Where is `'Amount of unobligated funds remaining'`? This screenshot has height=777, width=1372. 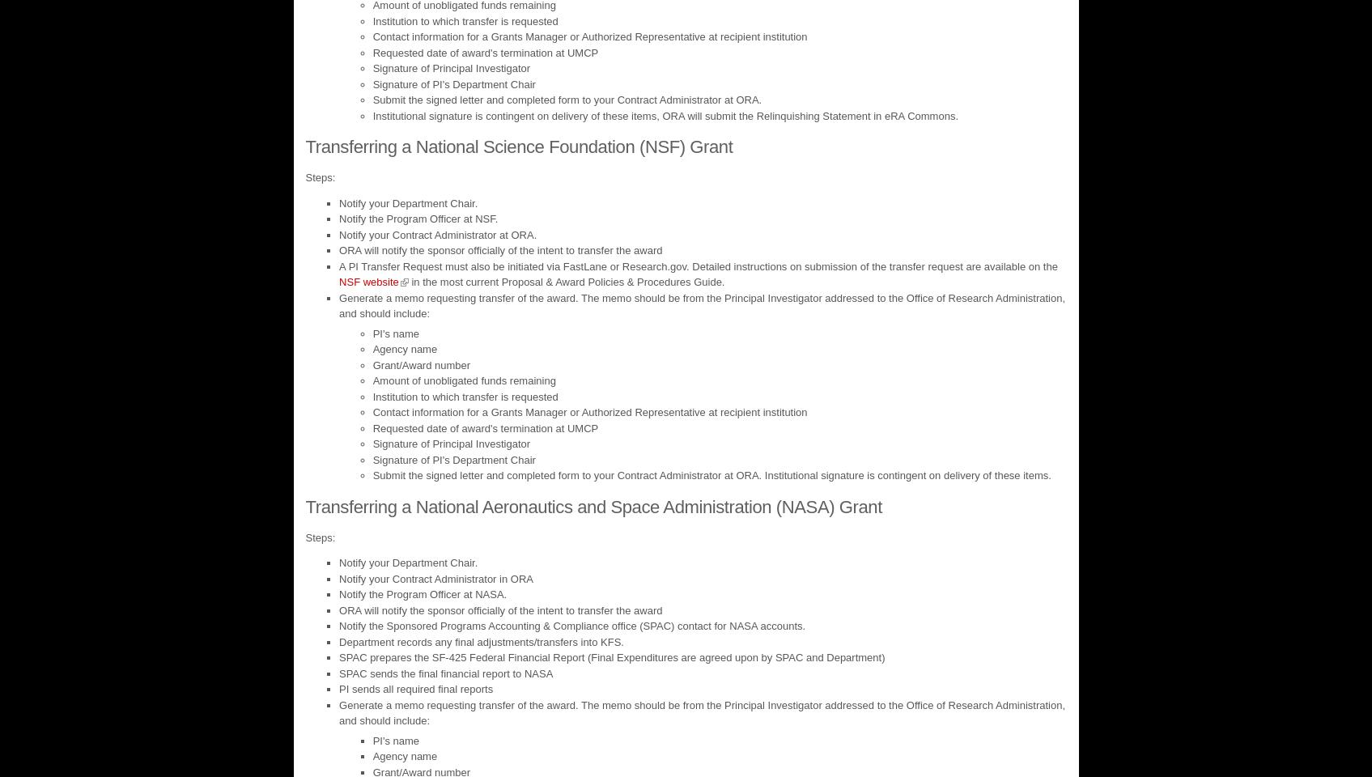 'Amount of unobligated funds remaining' is located at coordinates (372, 380).